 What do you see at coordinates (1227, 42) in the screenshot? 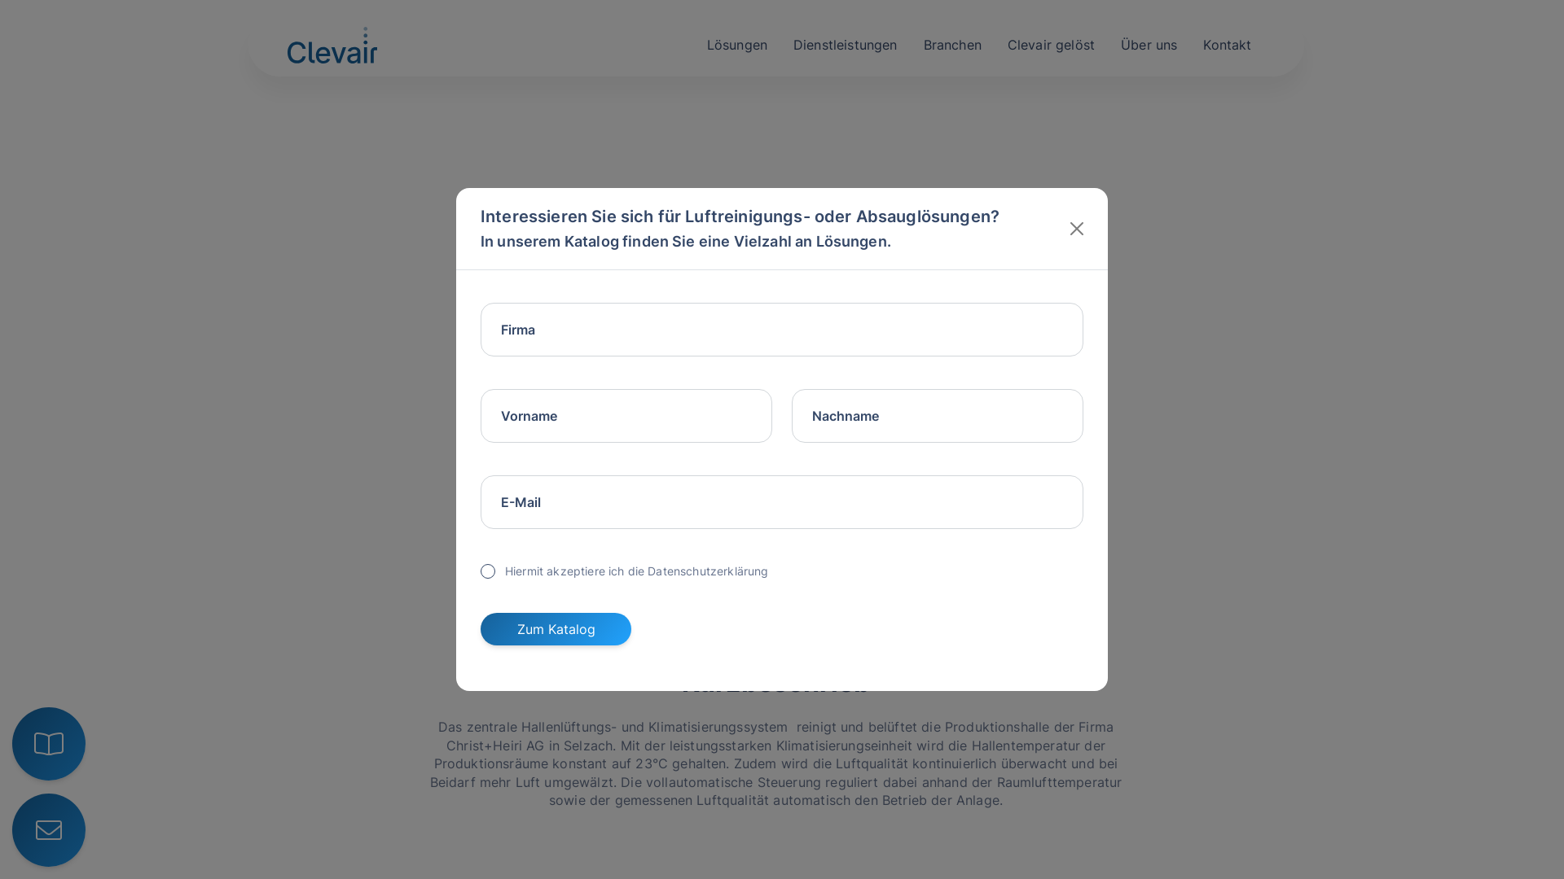
I see `'Kontakt'` at bounding box center [1227, 42].